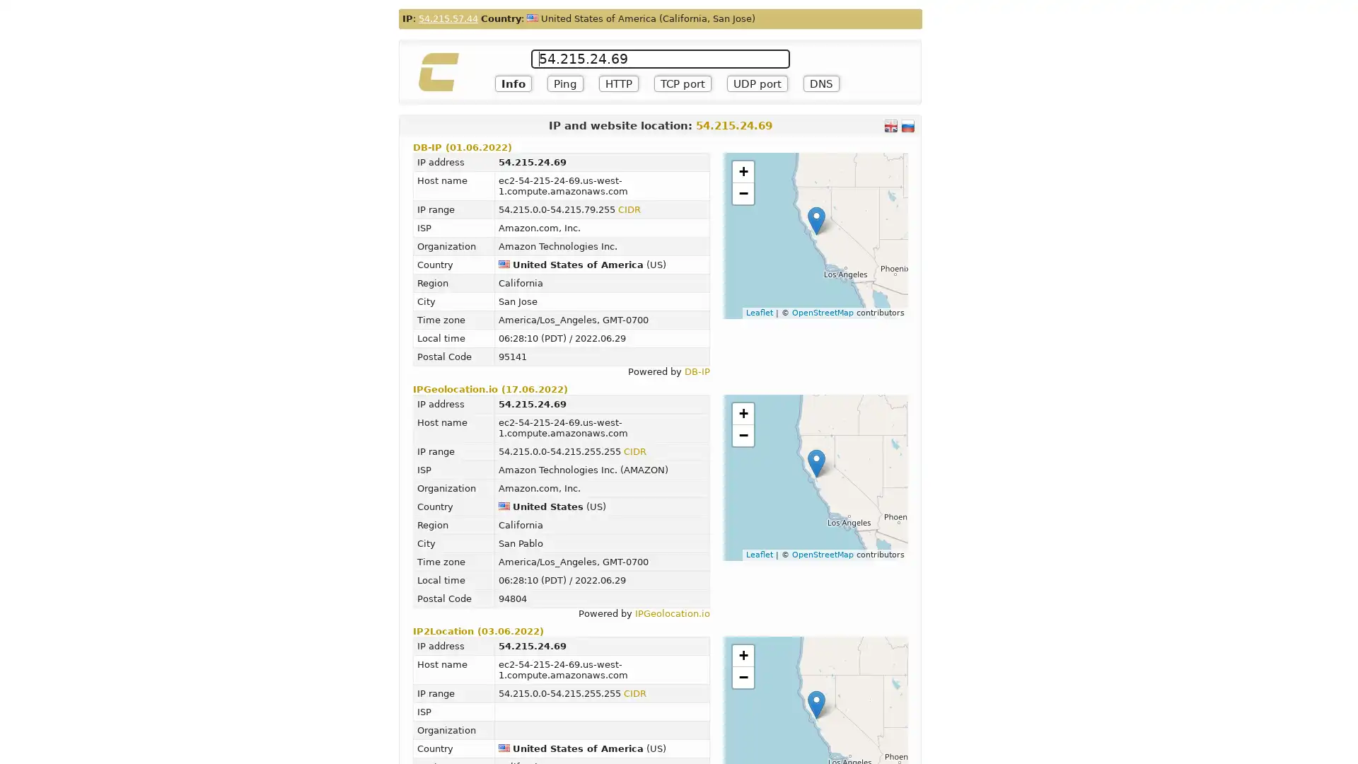 The height and width of the screenshot is (764, 1358). I want to click on Zoom out, so click(743, 676).